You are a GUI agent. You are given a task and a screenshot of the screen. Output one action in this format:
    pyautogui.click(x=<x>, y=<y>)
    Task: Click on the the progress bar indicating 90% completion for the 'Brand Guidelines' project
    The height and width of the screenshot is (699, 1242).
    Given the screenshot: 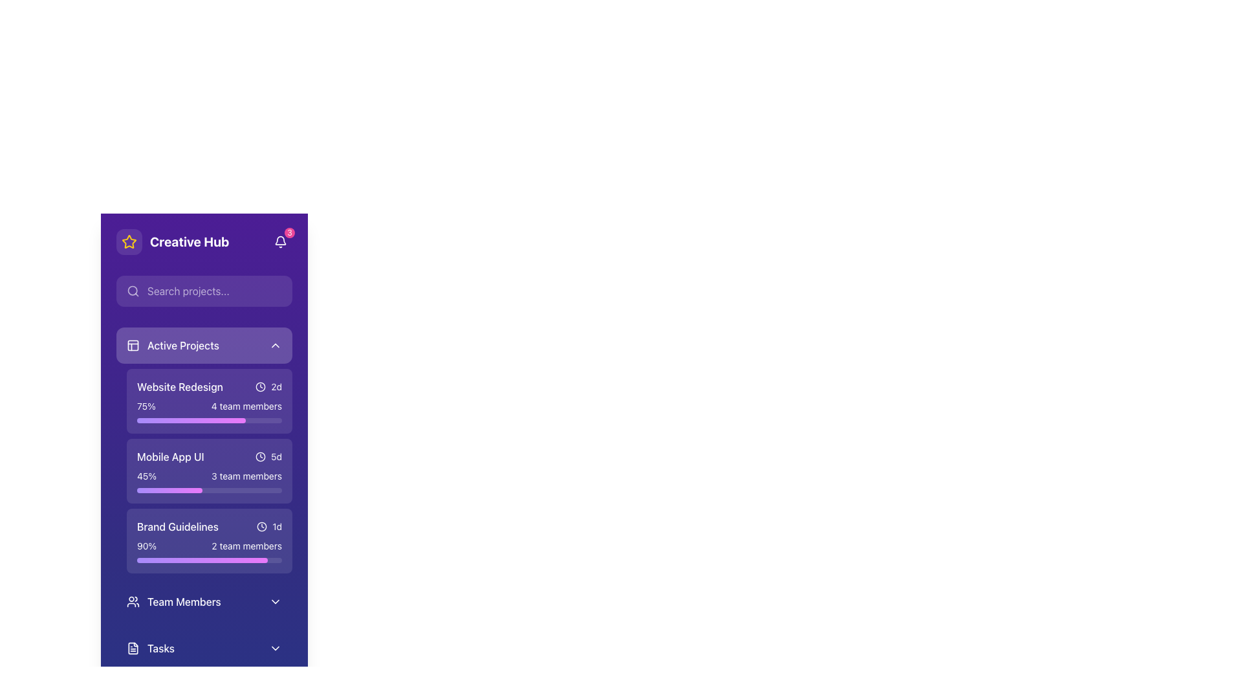 What is the action you would take?
    pyautogui.click(x=201, y=560)
    